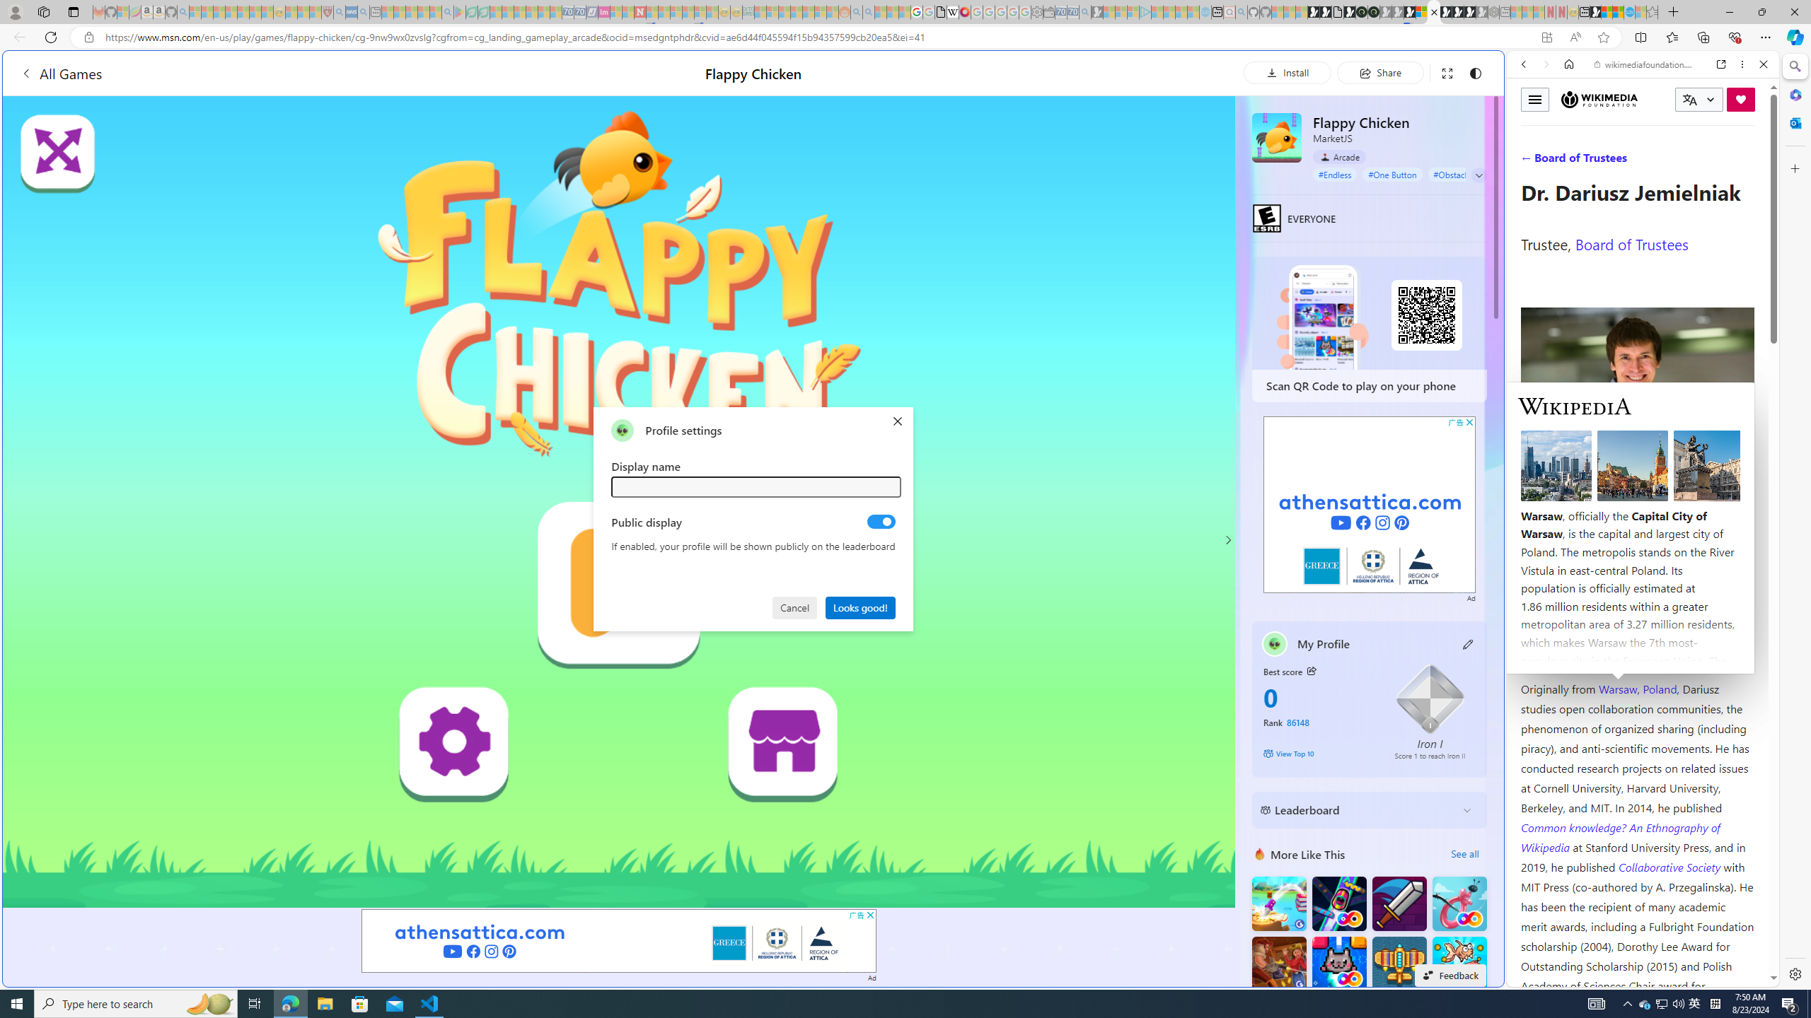 This screenshot has width=1811, height=1018. I want to click on 'Cancel', so click(796, 606).